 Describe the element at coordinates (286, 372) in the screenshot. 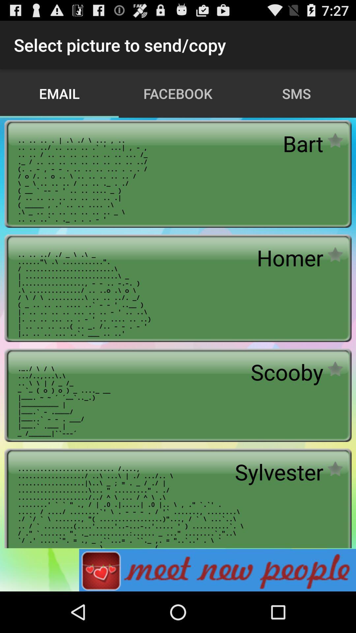

I see `the item to the right of the _ _ o icon` at that location.